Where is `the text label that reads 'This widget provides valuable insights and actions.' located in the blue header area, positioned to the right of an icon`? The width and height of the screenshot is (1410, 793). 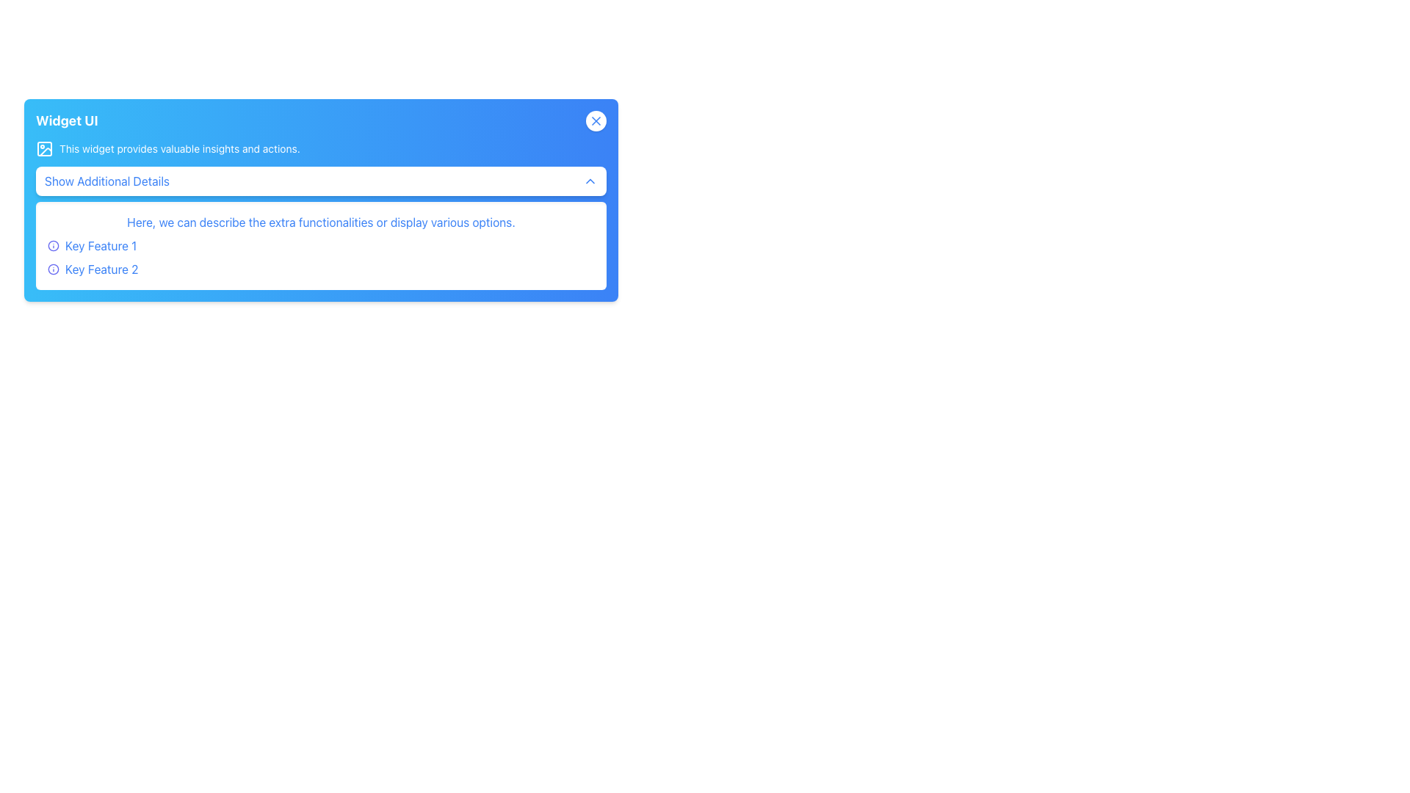
the text label that reads 'This widget provides valuable insights and actions.' located in the blue header area, positioned to the right of an icon is located at coordinates (178, 149).